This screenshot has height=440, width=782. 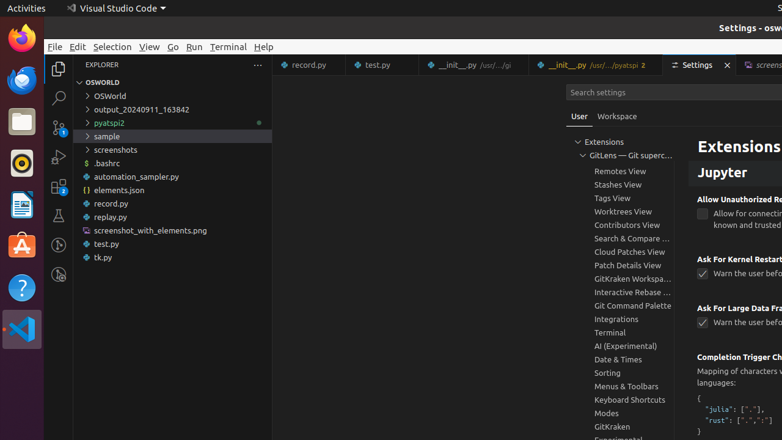 I want to click on 'User', so click(x=579, y=116).